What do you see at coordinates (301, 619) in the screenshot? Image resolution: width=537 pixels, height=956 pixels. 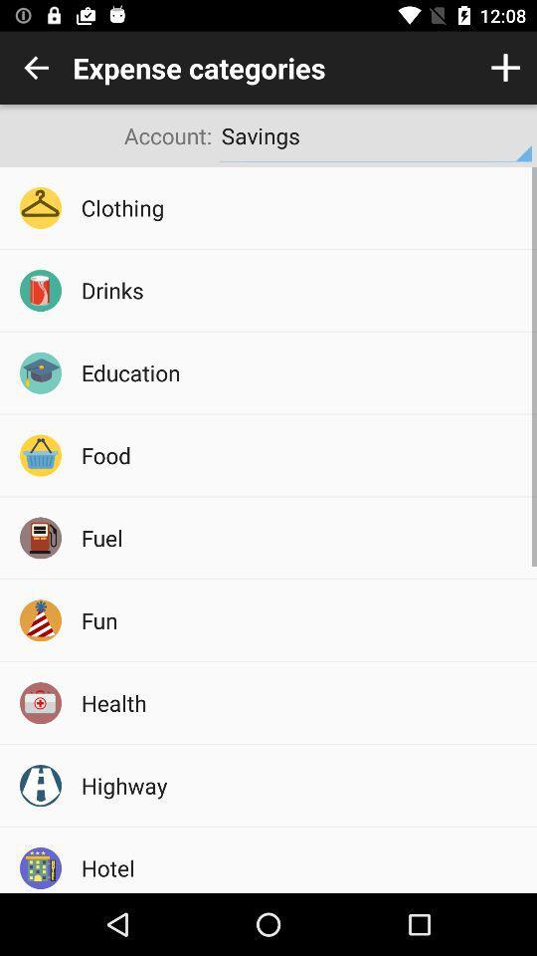 I see `the fun` at bounding box center [301, 619].